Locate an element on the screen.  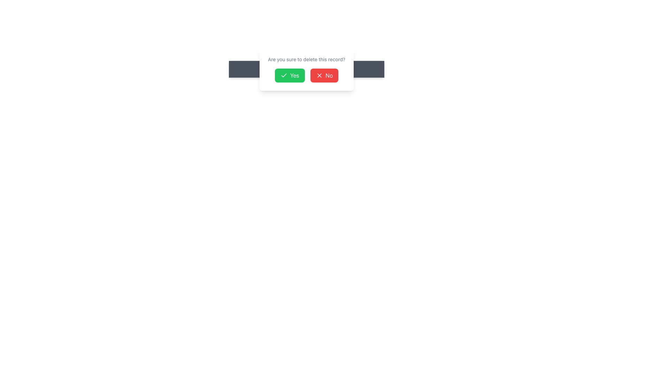
the checkmark graphic icon located on the green 'Yes' button in the confirmation dialog box is located at coordinates (284, 75).